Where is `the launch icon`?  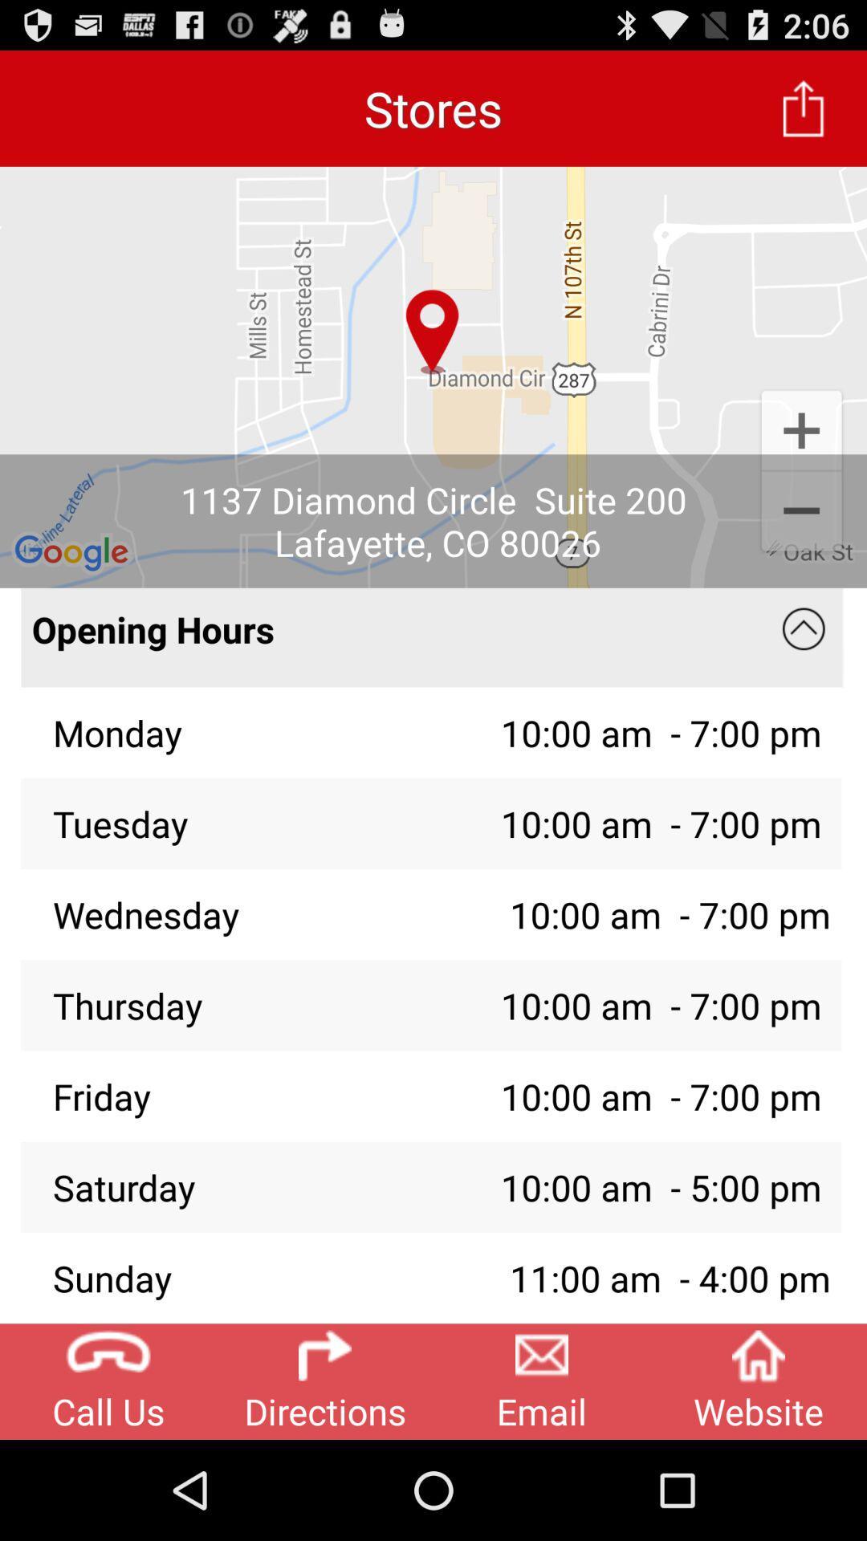
the launch icon is located at coordinates (804, 115).